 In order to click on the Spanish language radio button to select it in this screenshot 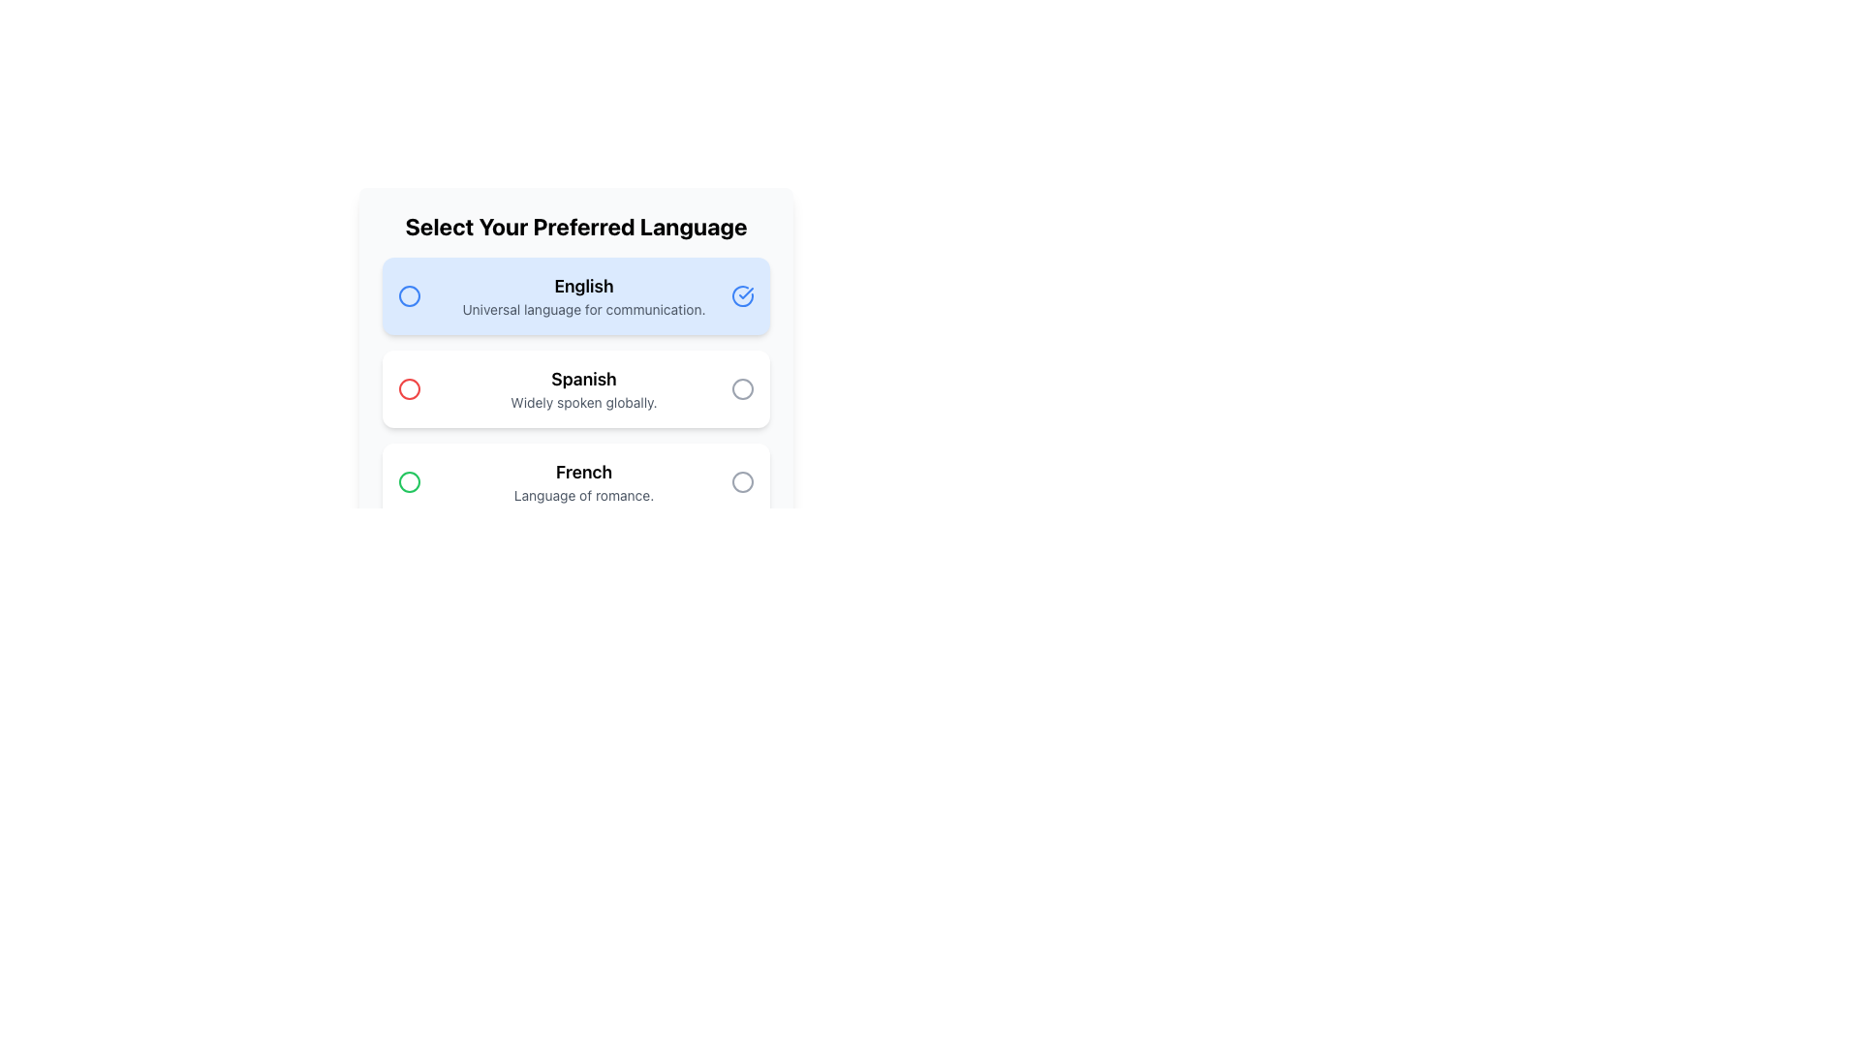, I will do `click(575, 388)`.